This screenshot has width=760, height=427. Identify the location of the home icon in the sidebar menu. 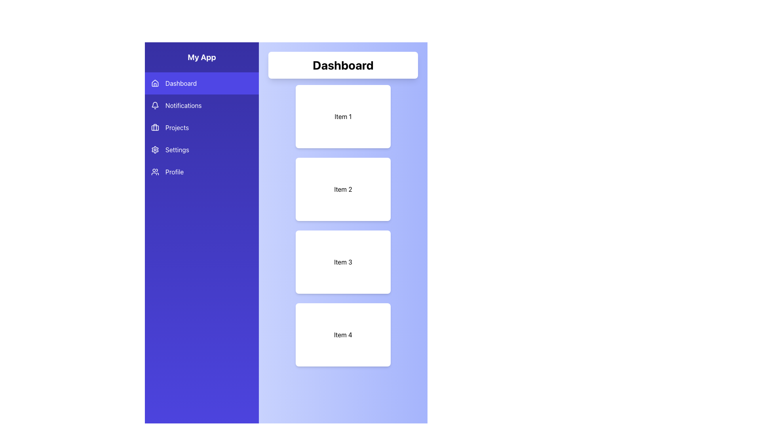
(155, 83).